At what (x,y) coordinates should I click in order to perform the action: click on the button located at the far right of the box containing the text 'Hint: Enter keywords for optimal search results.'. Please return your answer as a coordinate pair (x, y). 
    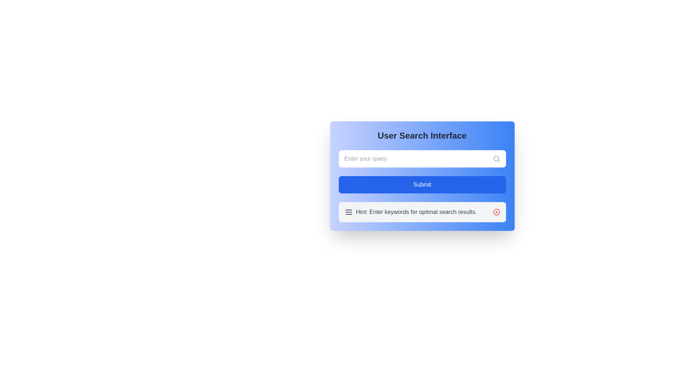
    Looking at the image, I should click on (496, 212).